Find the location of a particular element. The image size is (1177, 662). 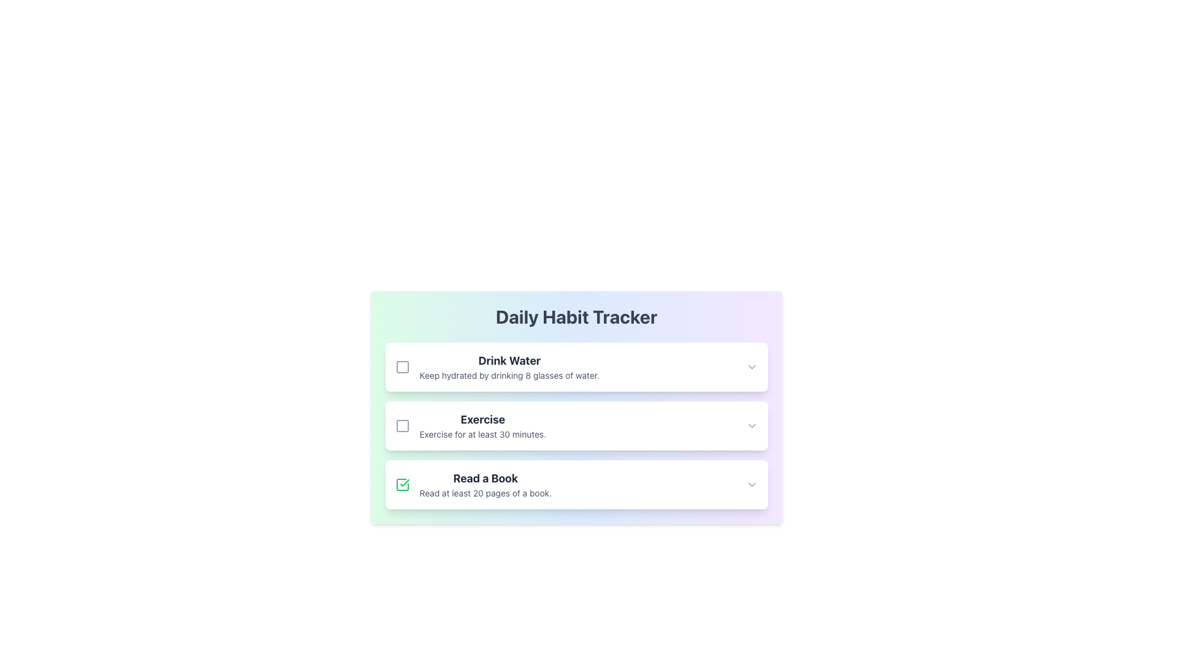

the checked square icon styled as a checkbox located on the left side of the 'Read a Book' habit tracking item to modify its state is located at coordinates (402, 484).